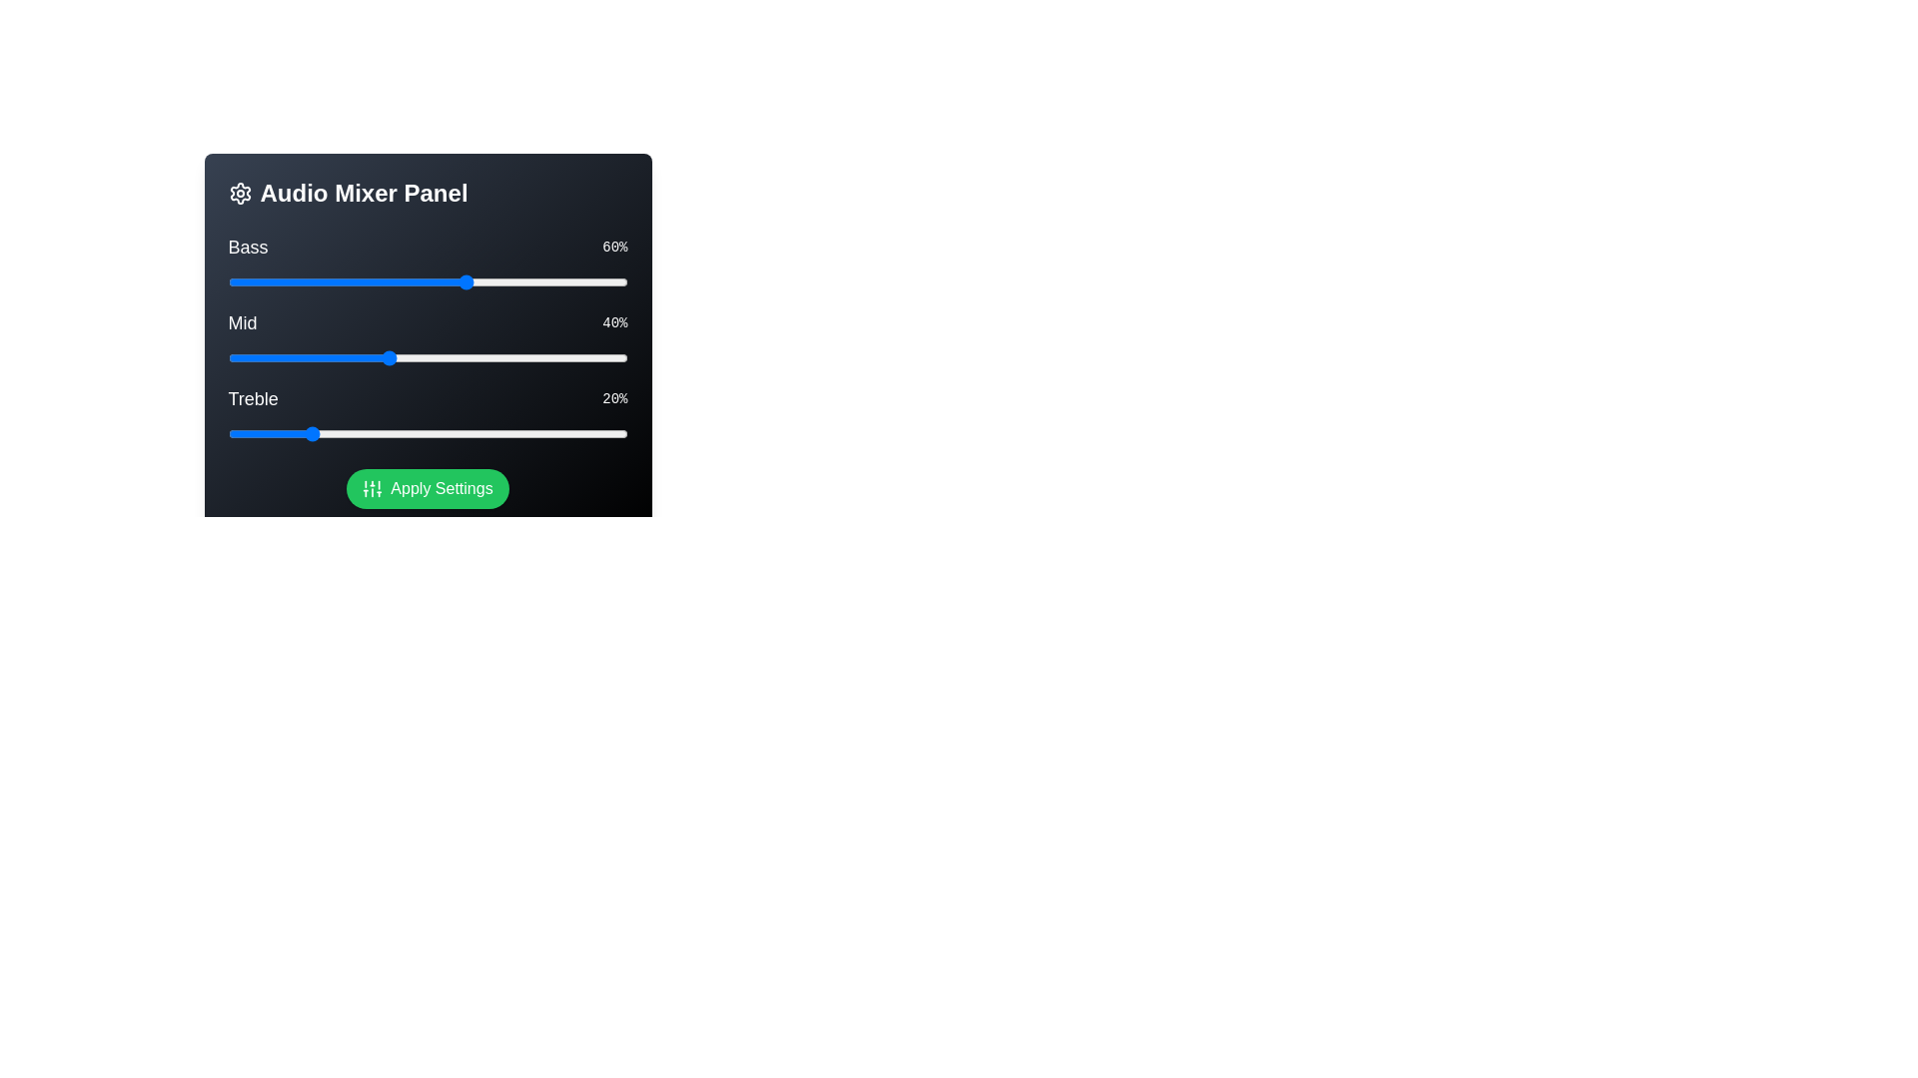  Describe the element at coordinates (427, 488) in the screenshot. I see `the 'Apply Settings' button` at that location.